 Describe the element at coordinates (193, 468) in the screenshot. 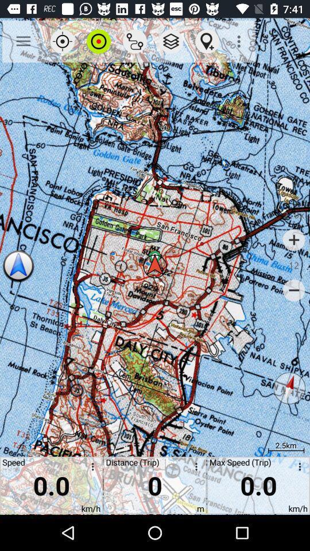

I see `the more icon` at that location.